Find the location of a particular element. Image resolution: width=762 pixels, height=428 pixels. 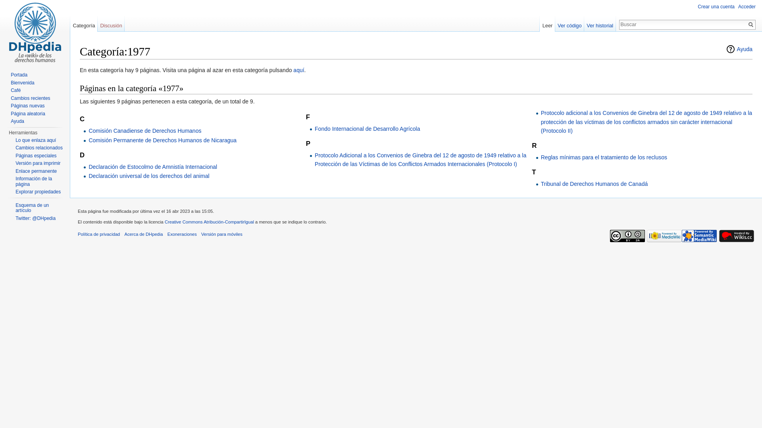

'Ayuda' is located at coordinates (17, 121).